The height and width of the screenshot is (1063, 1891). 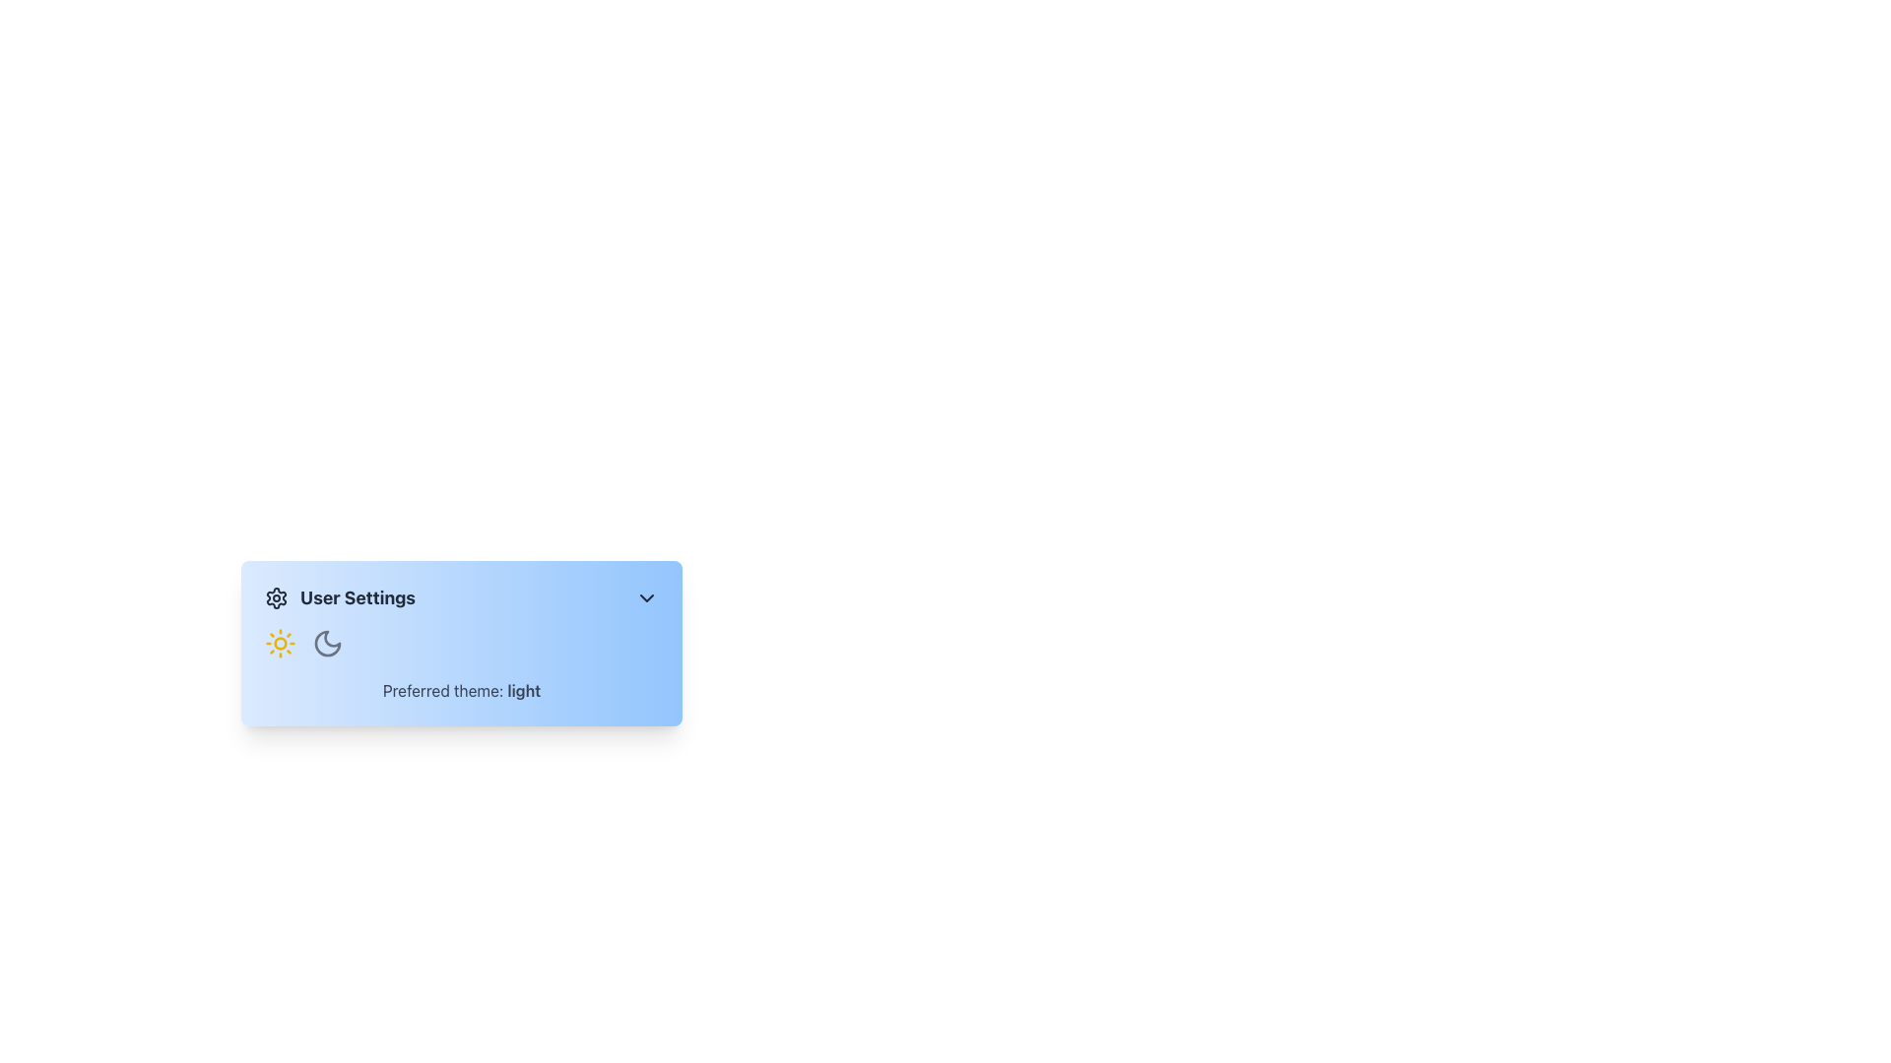 I want to click on to select the light theme option represented by the small filled circular shape within the sun icon in the 'User Settings' panel, so click(x=279, y=644).